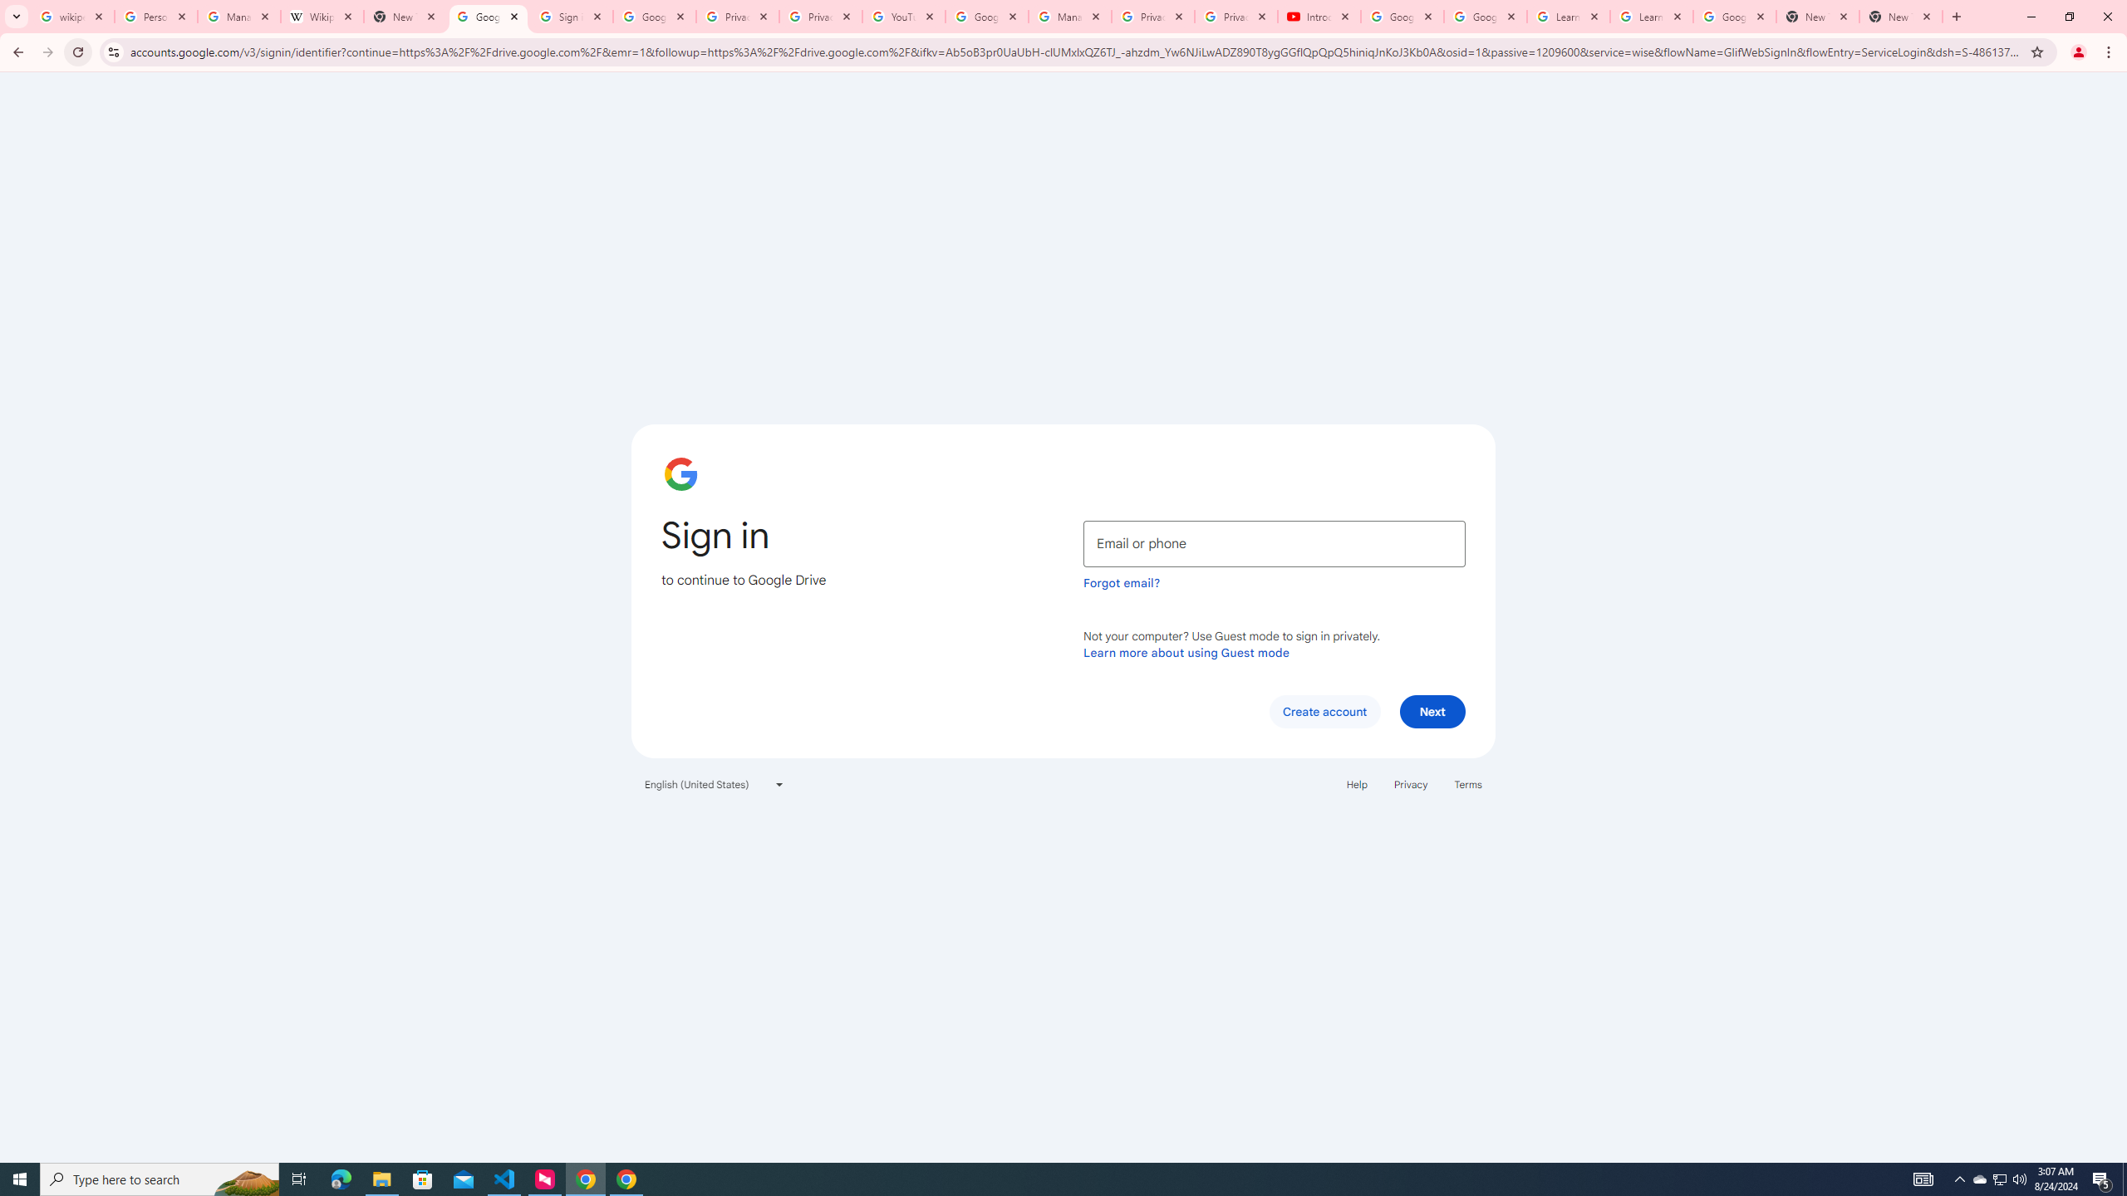 This screenshot has width=2127, height=1196. What do you see at coordinates (1432, 710) in the screenshot?
I see `'Next'` at bounding box center [1432, 710].